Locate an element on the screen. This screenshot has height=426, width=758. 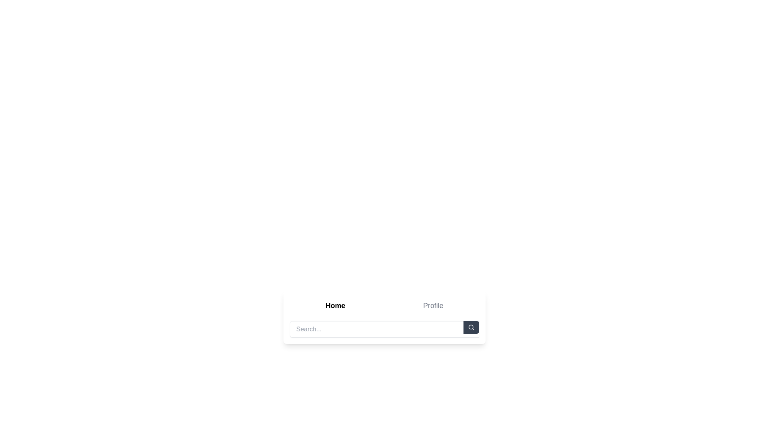
the Tab selection area element containing the labels 'Home' and 'Profile' is located at coordinates (384, 308).